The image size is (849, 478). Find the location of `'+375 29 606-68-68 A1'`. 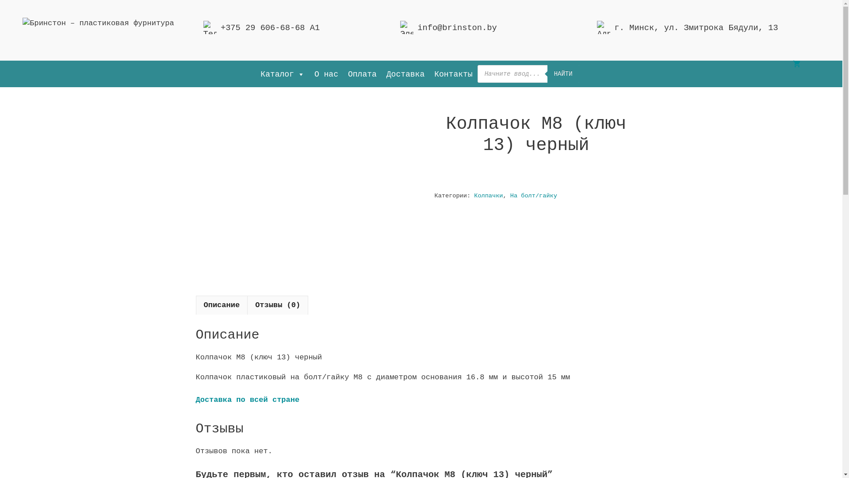

'+375 29 606-68-68 A1' is located at coordinates (269, 27).